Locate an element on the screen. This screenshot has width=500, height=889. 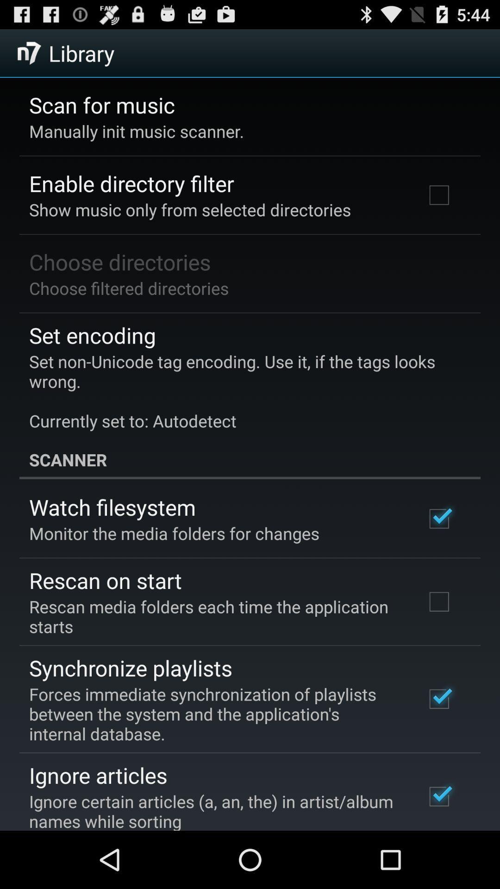
the manually init music icon is located at coordinates (137, 131).